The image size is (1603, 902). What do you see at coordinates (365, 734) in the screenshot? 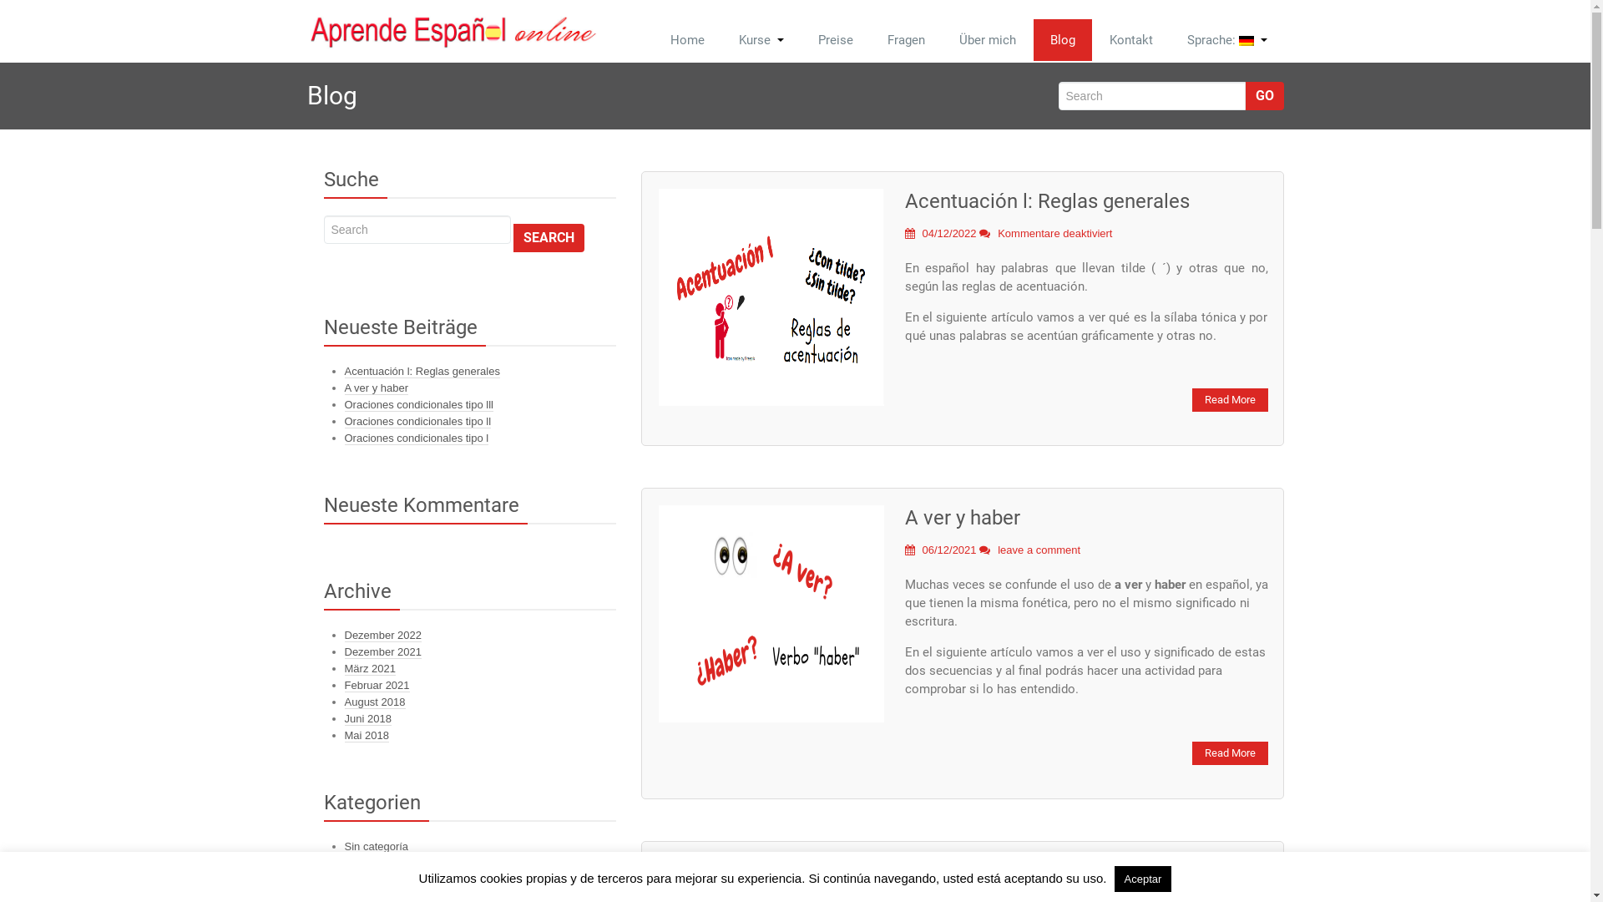
I see `'Mai 2018'` at bounding box center [365, 734].